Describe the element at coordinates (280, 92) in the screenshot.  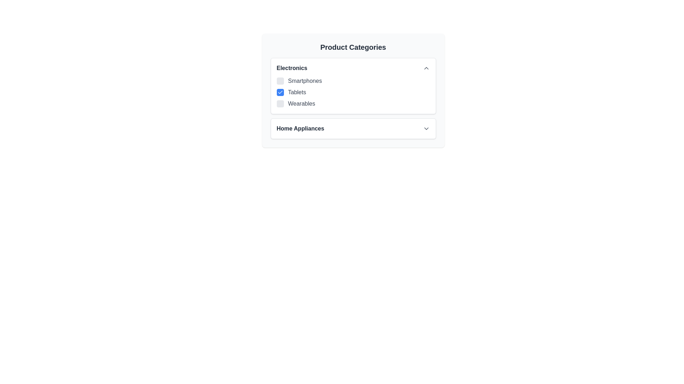
I see `the small, square, blue Checkbox styled as a button with a white checkmark icon, located to the left of the 'Tablets' label in the 'Electronics' section of the 'Product Categories' list` at that location.